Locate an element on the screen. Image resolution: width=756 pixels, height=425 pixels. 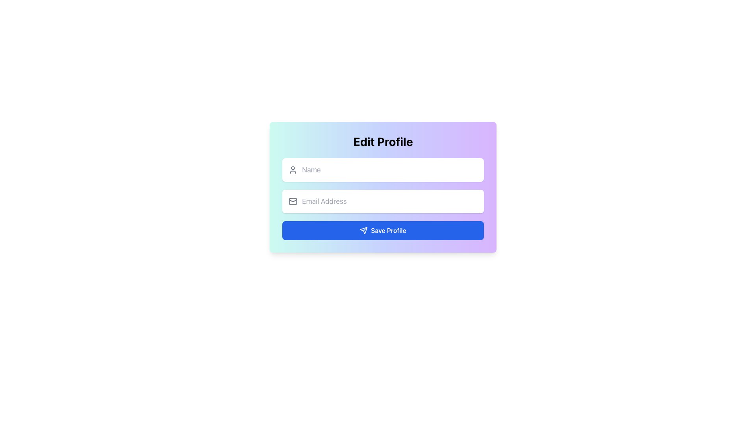
the Header Text element that serves as the section heading for the profile editing form, located at the center of the card layout is located at coordinates (383, 141).